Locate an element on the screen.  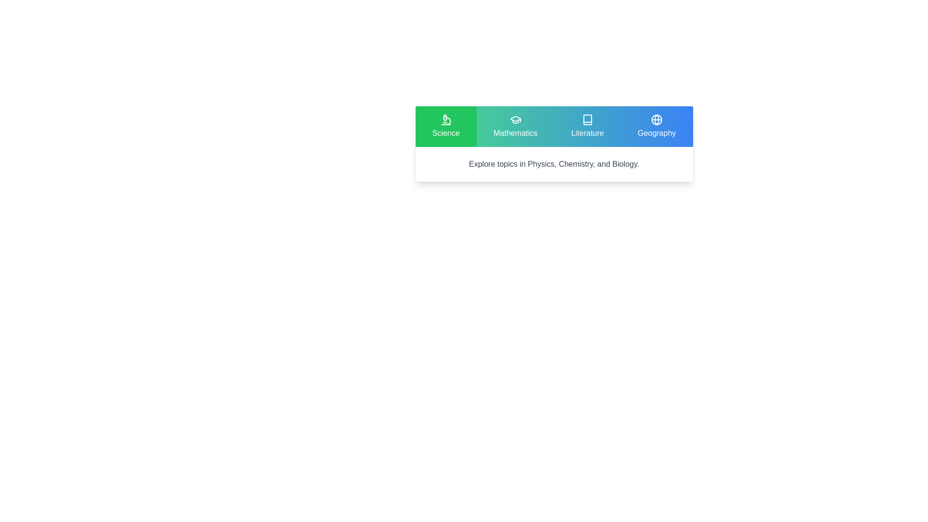
the book icon in the Literature section of the navigation bar, which is represented by a minimalistic line-art design in blue color is located at coordinates (587, 119).